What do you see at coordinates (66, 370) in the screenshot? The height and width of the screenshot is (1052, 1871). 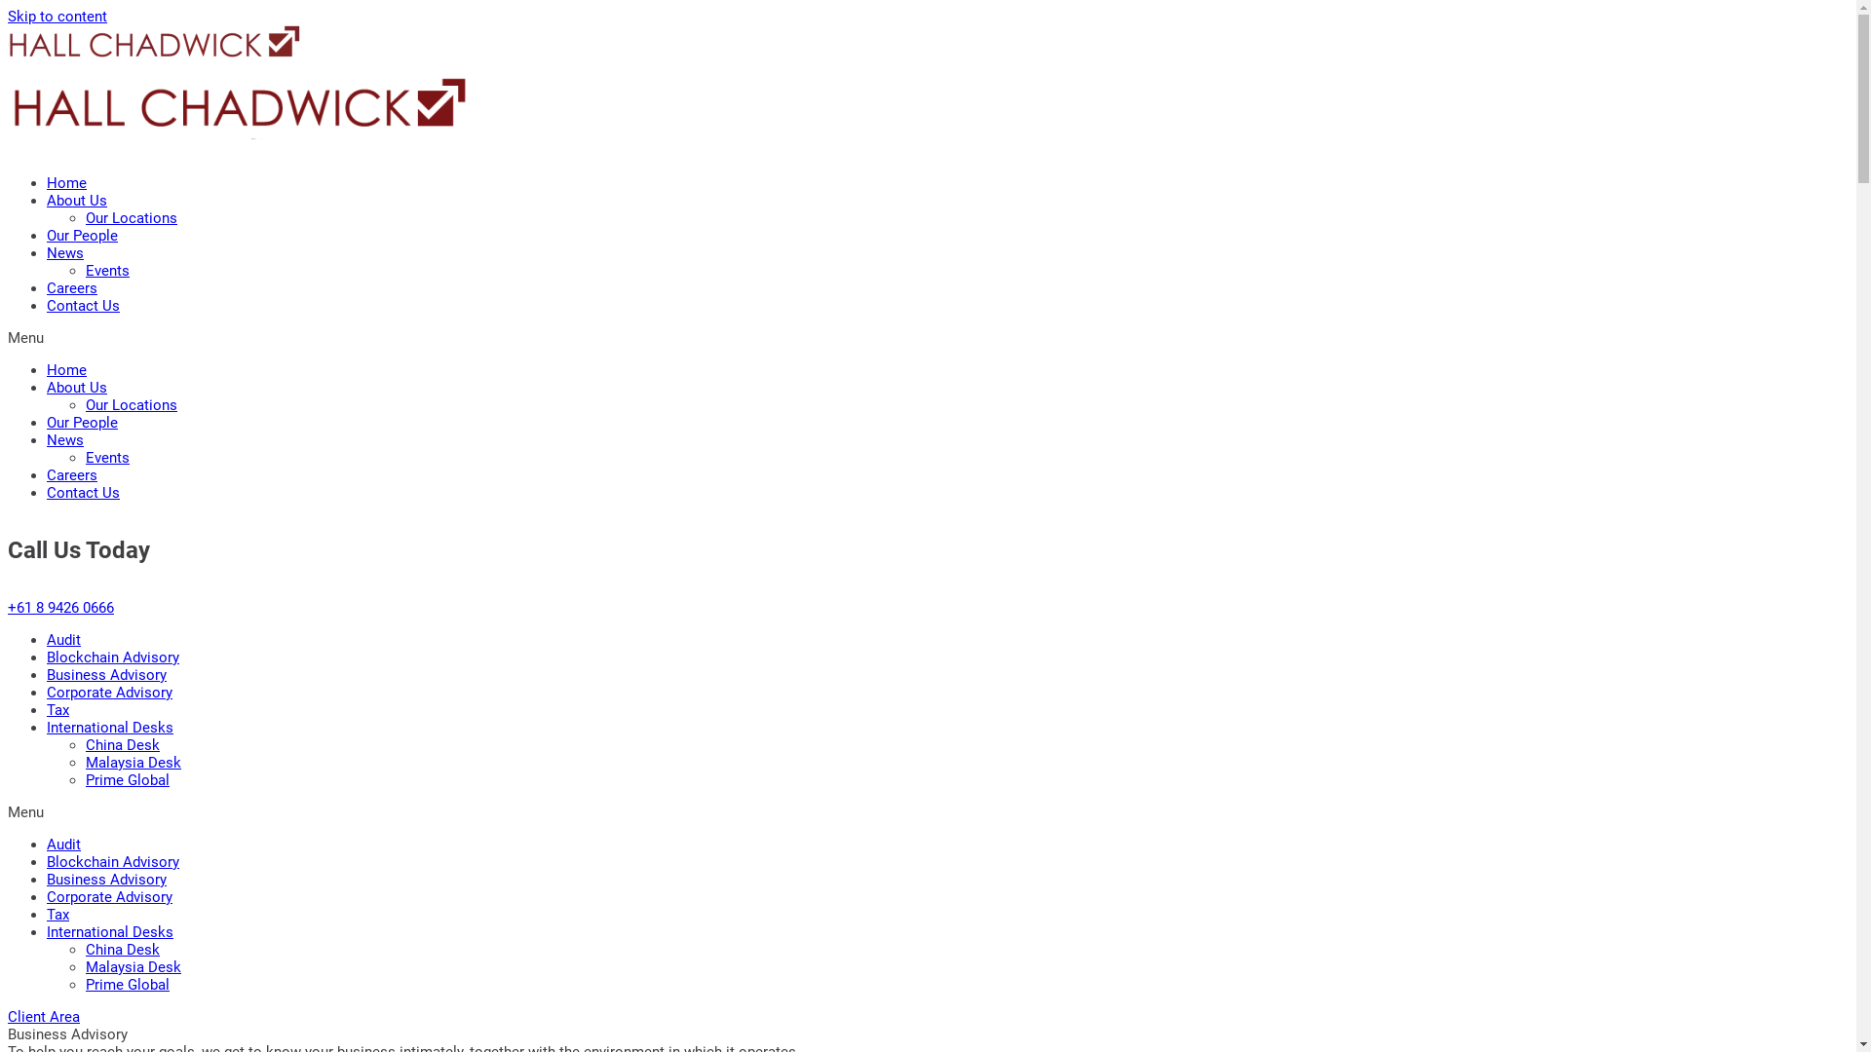 I see `'Home'` at bounding box center [66, 370].